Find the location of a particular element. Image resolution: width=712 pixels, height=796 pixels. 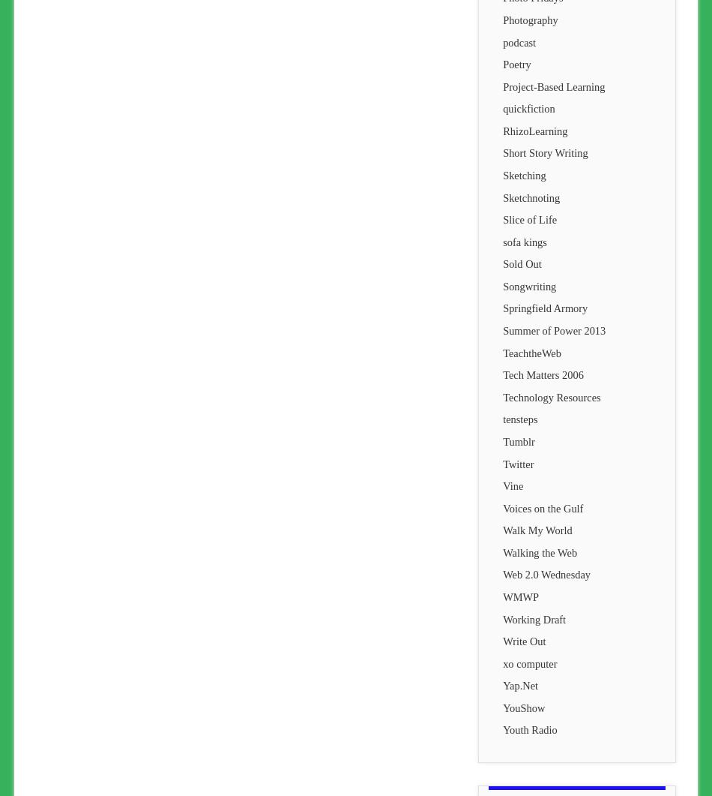

'Voices on the Gulf' is located at coordinates (542, 507).